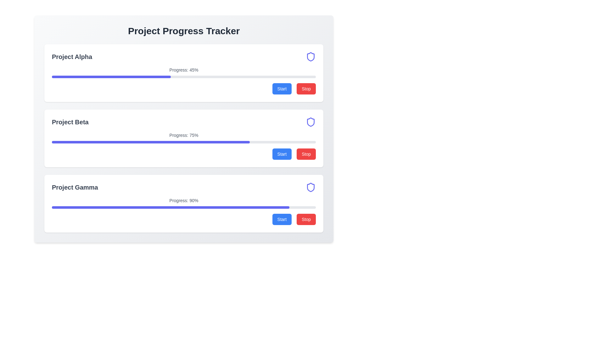 This screenshot has width=604, height=339. Describe the element at coordinates (183, 77) in the screenshot. I see `the progress bar that visually represents the progress of 'Project Alpha', showing a 45% completion level, located below the 'Progress: 45%' text` at that location.